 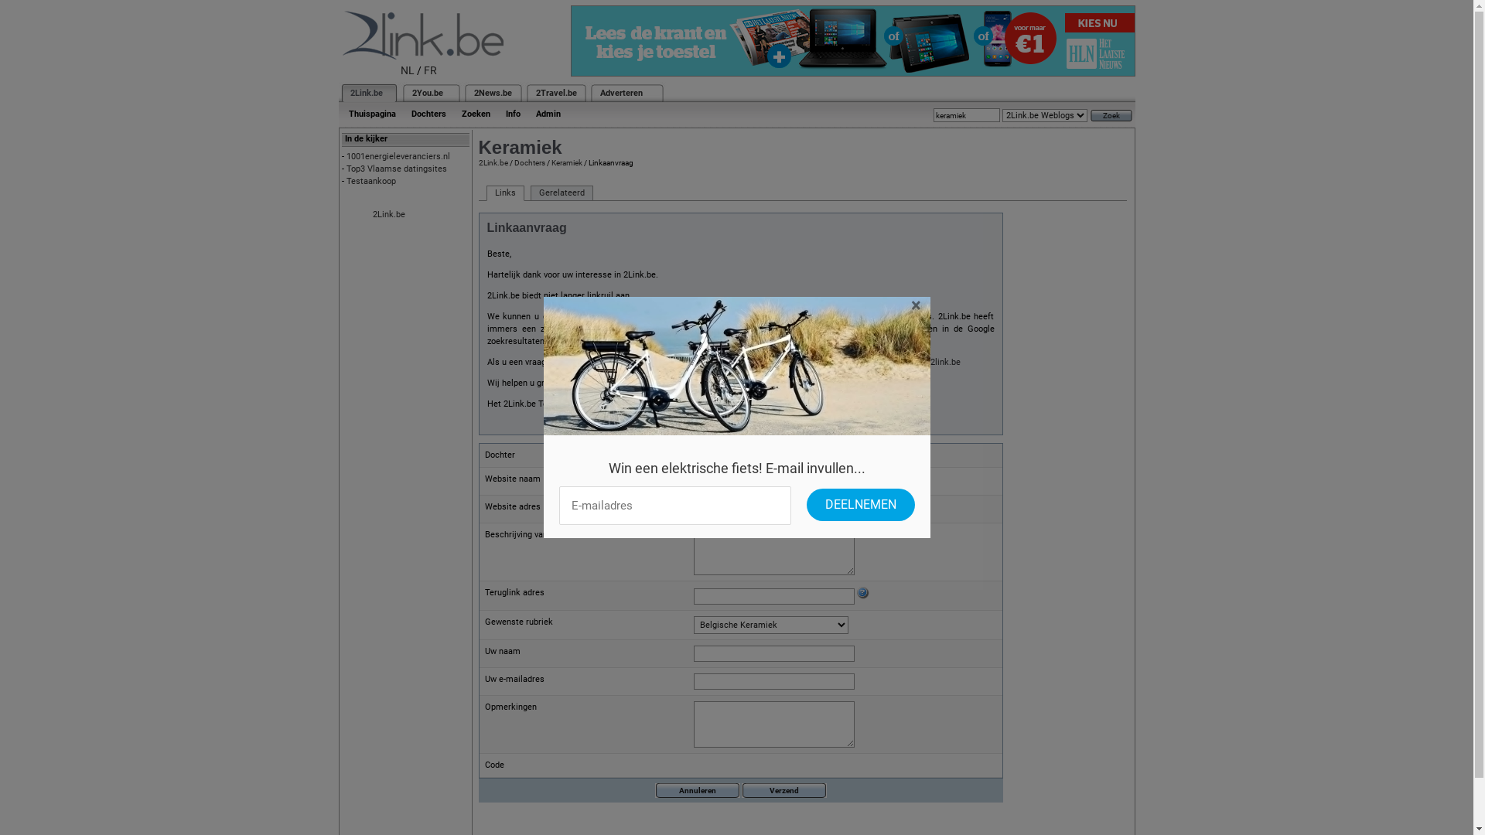 I want to click on 'Testaankoop', so click(x=371, y=180).